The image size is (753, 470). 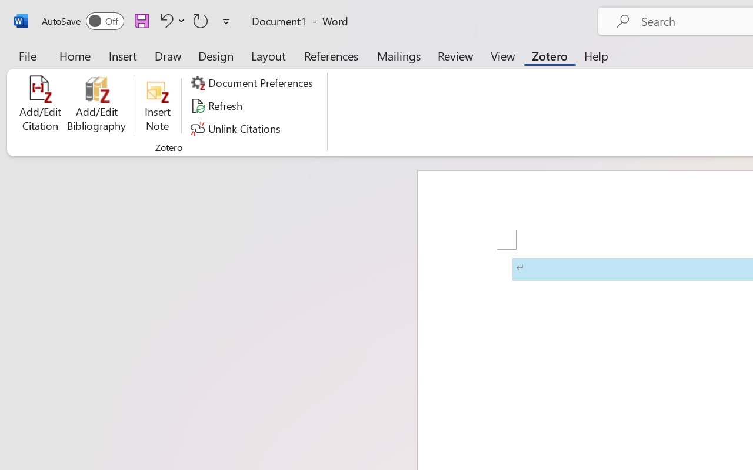 I want to click on 'Add/Edit Bibliography', so click(x=96, y=105).